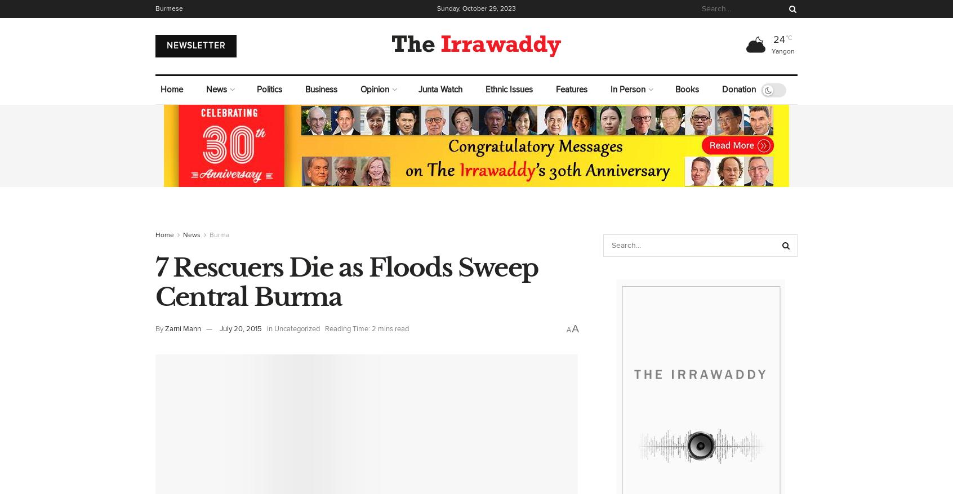  I want to click on 'Business', so click(320, 90).